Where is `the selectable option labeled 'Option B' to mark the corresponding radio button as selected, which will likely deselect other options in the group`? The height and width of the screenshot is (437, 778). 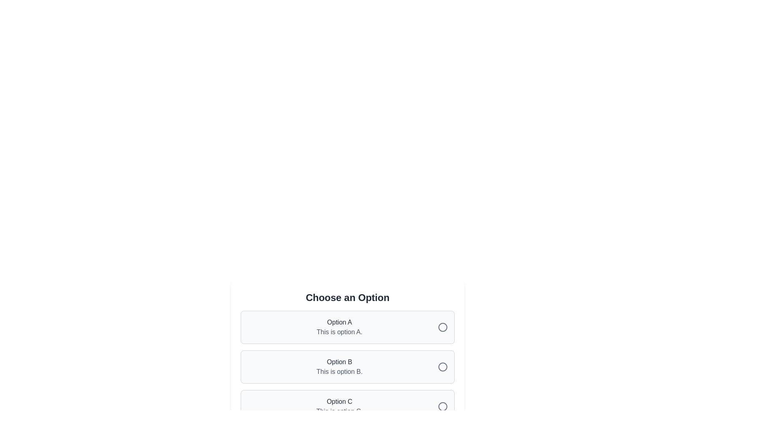 the selectable option labeled 'Option B' to mark the corresponding radio button as selected, which will likely deselect other options in the group is located at coordinates (348, 367).